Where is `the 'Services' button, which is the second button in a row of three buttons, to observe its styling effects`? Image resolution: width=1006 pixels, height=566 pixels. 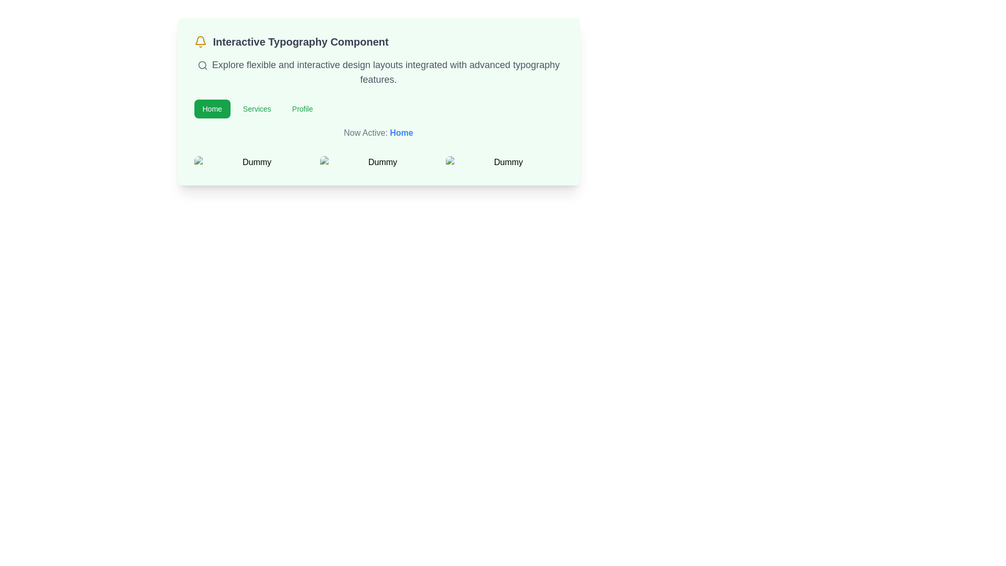 the 'Services' button, which is the second button in a row of three buttons, to observe its styling effects is located at coordinates (257, 109).